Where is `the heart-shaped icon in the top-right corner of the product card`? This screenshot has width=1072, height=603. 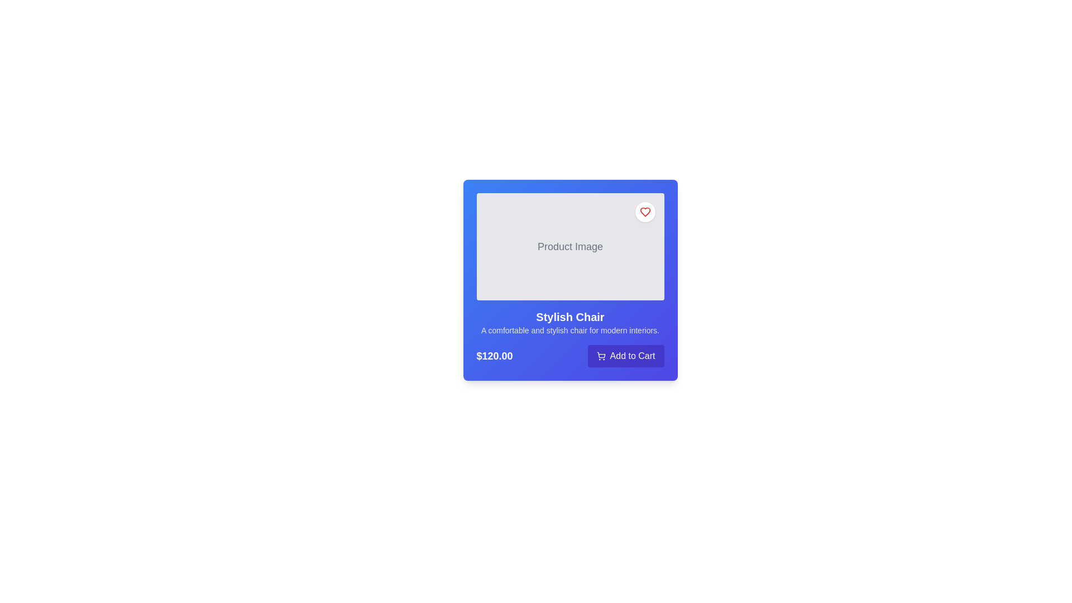 the heart-shaped icon in the top-right corner of the product card is located at coordinates (645, 212).